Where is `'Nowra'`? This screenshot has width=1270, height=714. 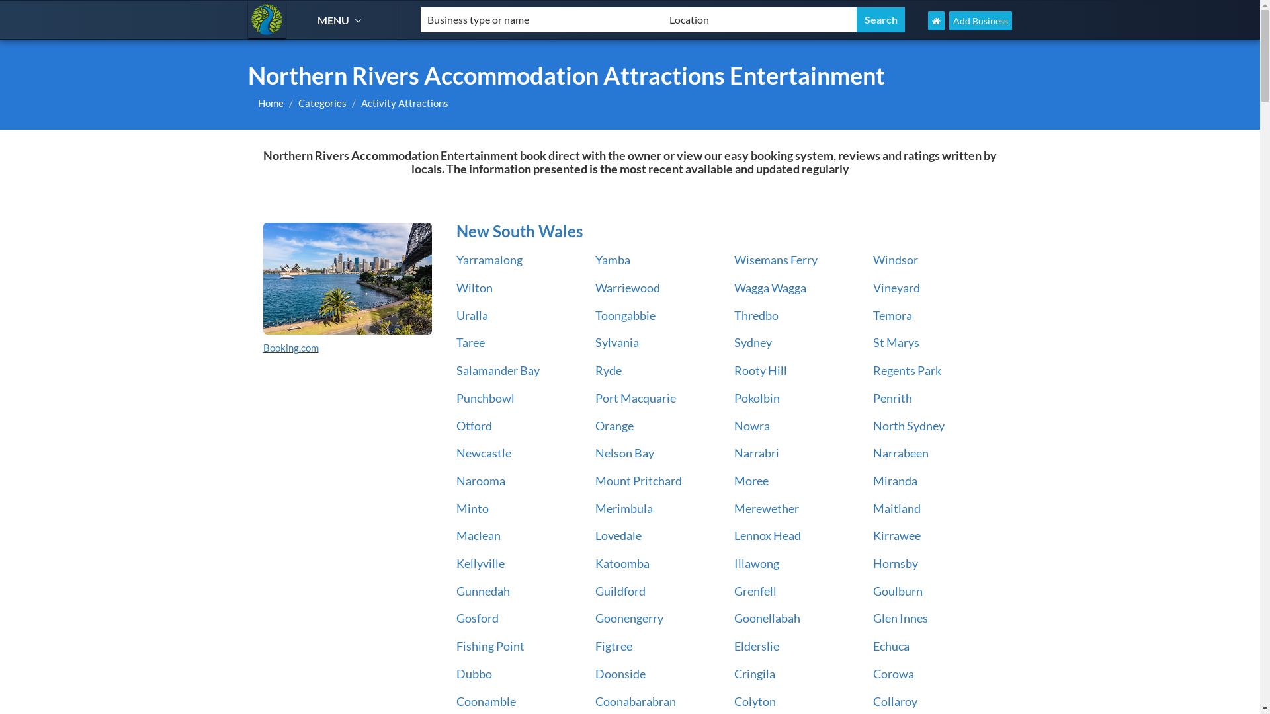
'Nowra' is located at coordinates (752, 425).